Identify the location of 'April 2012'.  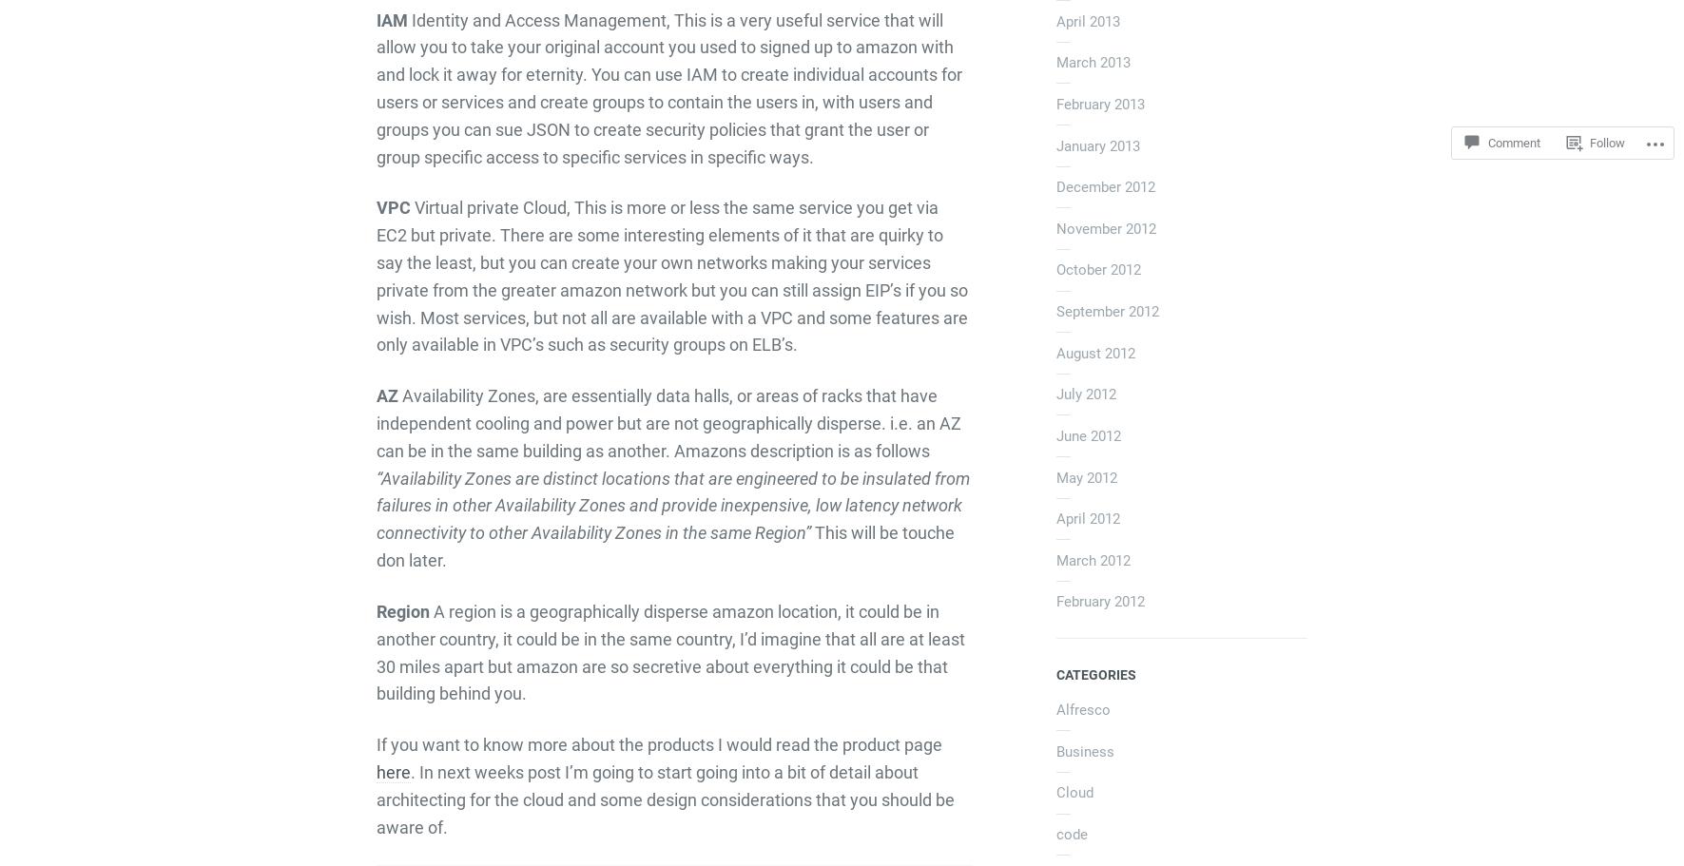
(1055, 517).